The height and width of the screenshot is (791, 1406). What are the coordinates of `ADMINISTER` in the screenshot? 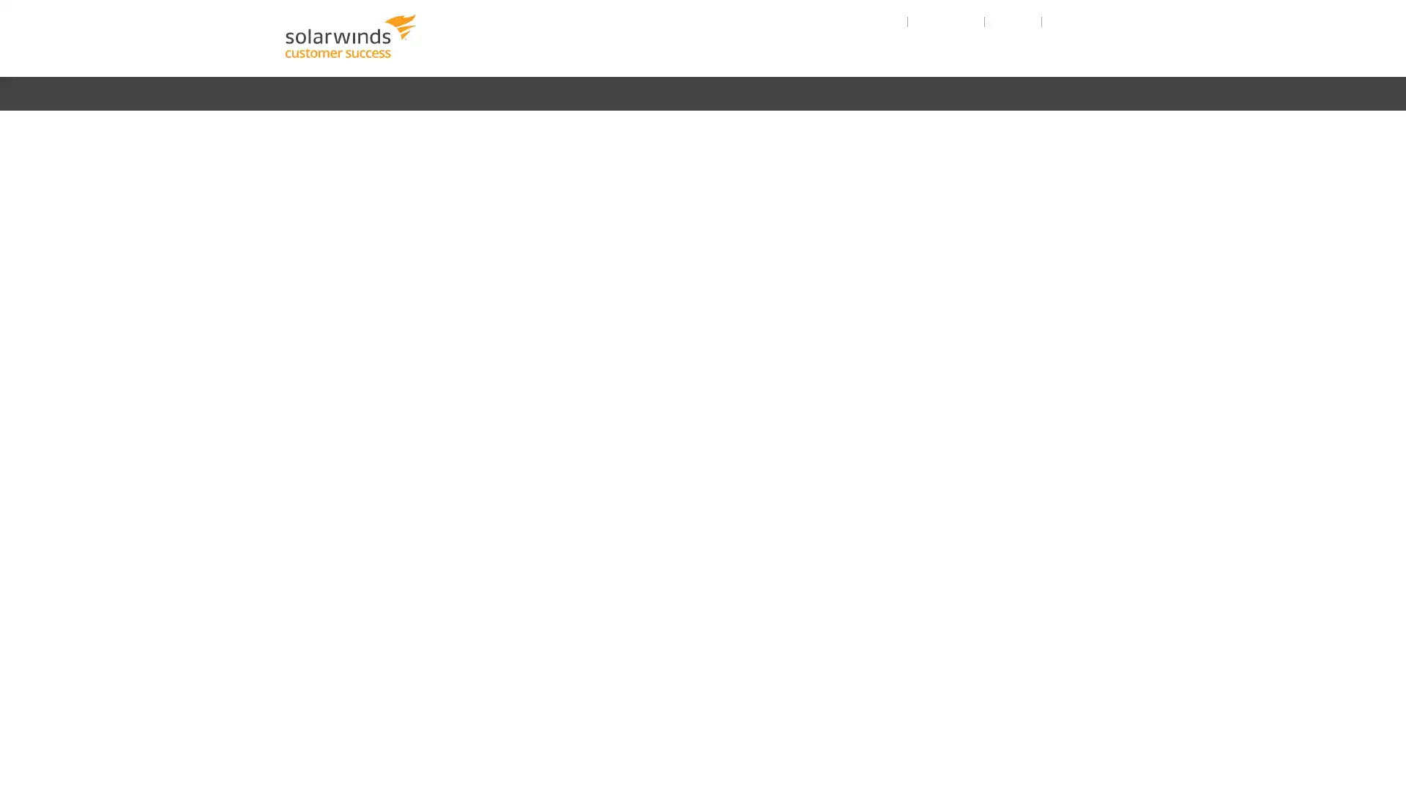 It's located at (695, 264).